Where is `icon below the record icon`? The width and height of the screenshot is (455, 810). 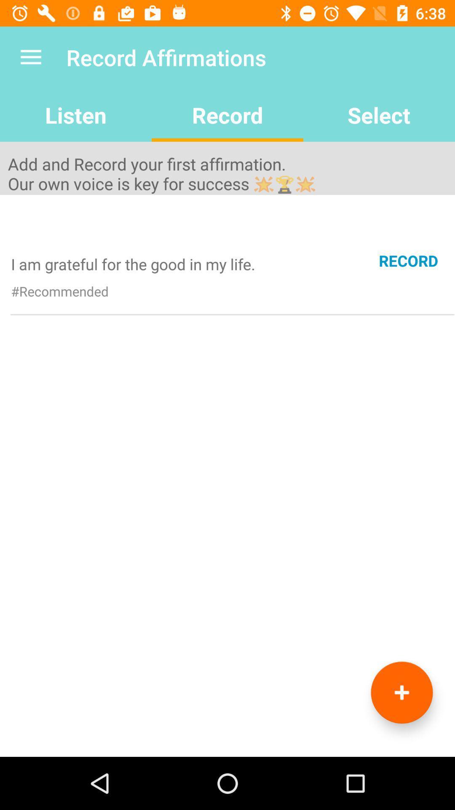 icon below the record icon is located at coordinates (401, 692).